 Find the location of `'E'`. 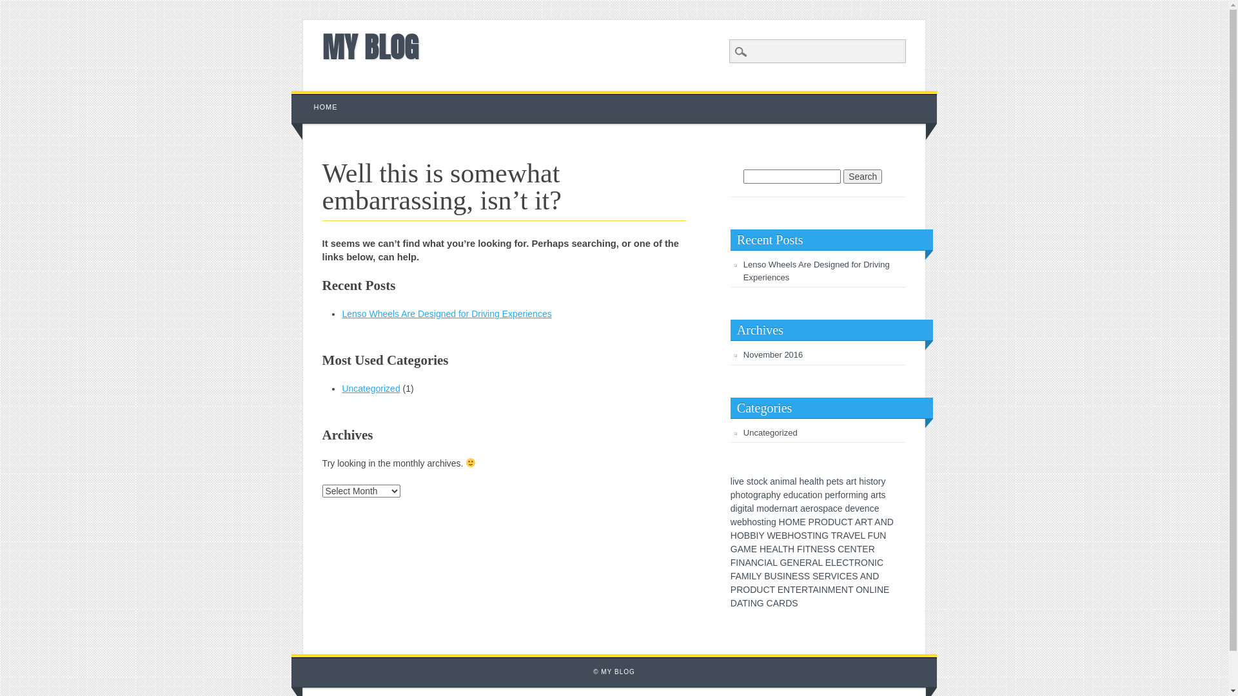

'E' is located at coordinates (801, 522).